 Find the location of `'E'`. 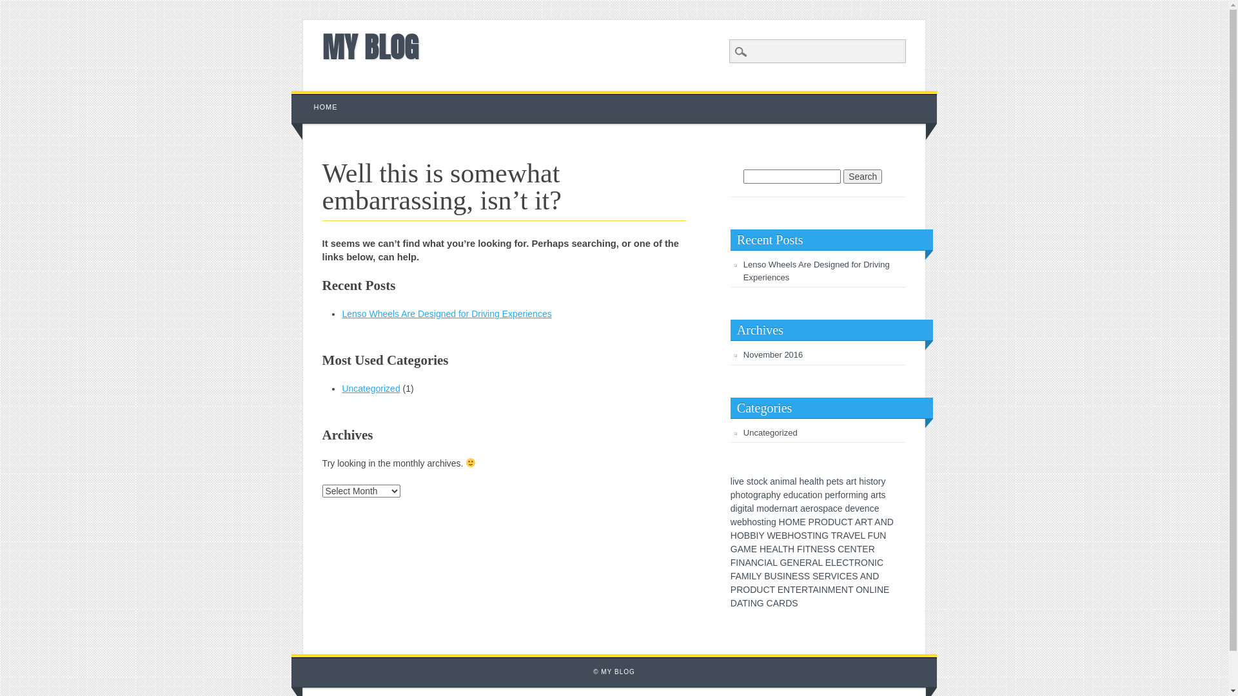

'E' is located at coordinates (801, 522).